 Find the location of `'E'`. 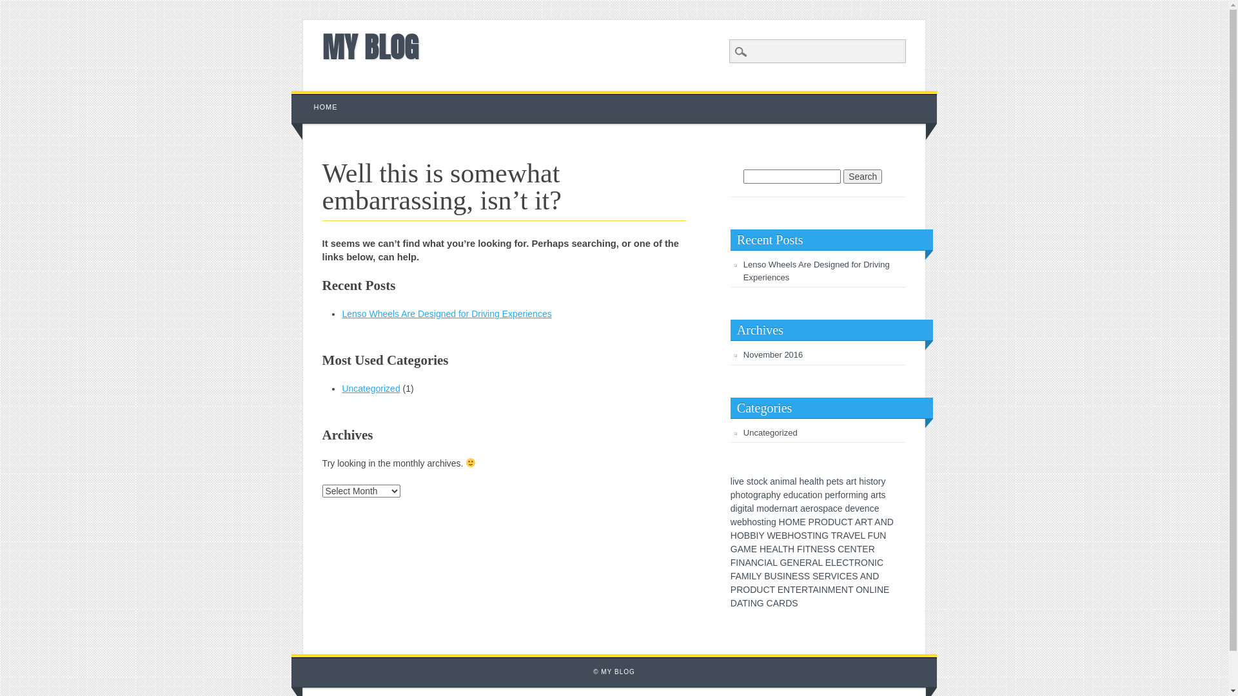

'E' is located at coordinates (801, 522).